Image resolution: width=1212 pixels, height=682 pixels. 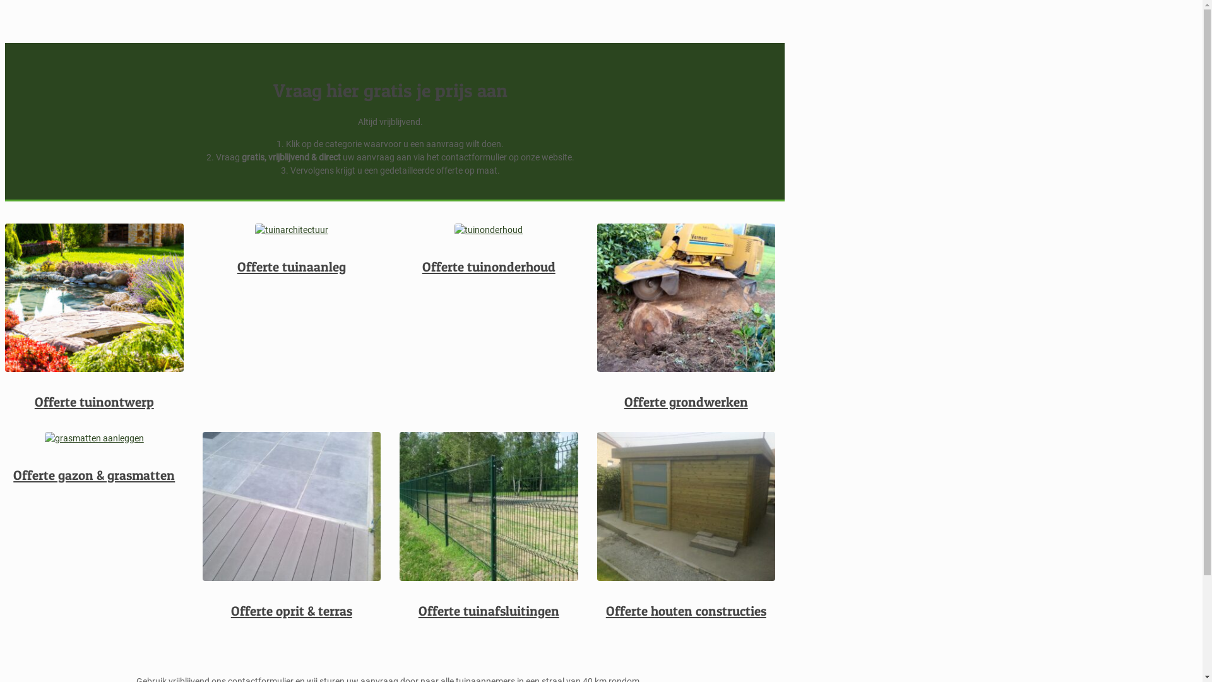 I want to click on 'Offerte tuinafsluitingen', so click(x=418, y=610).